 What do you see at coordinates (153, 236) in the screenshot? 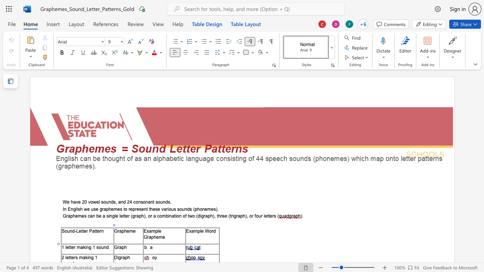
I see `the space between the continuous character "p" and "h" in the text` at bounding box center [153, 236].